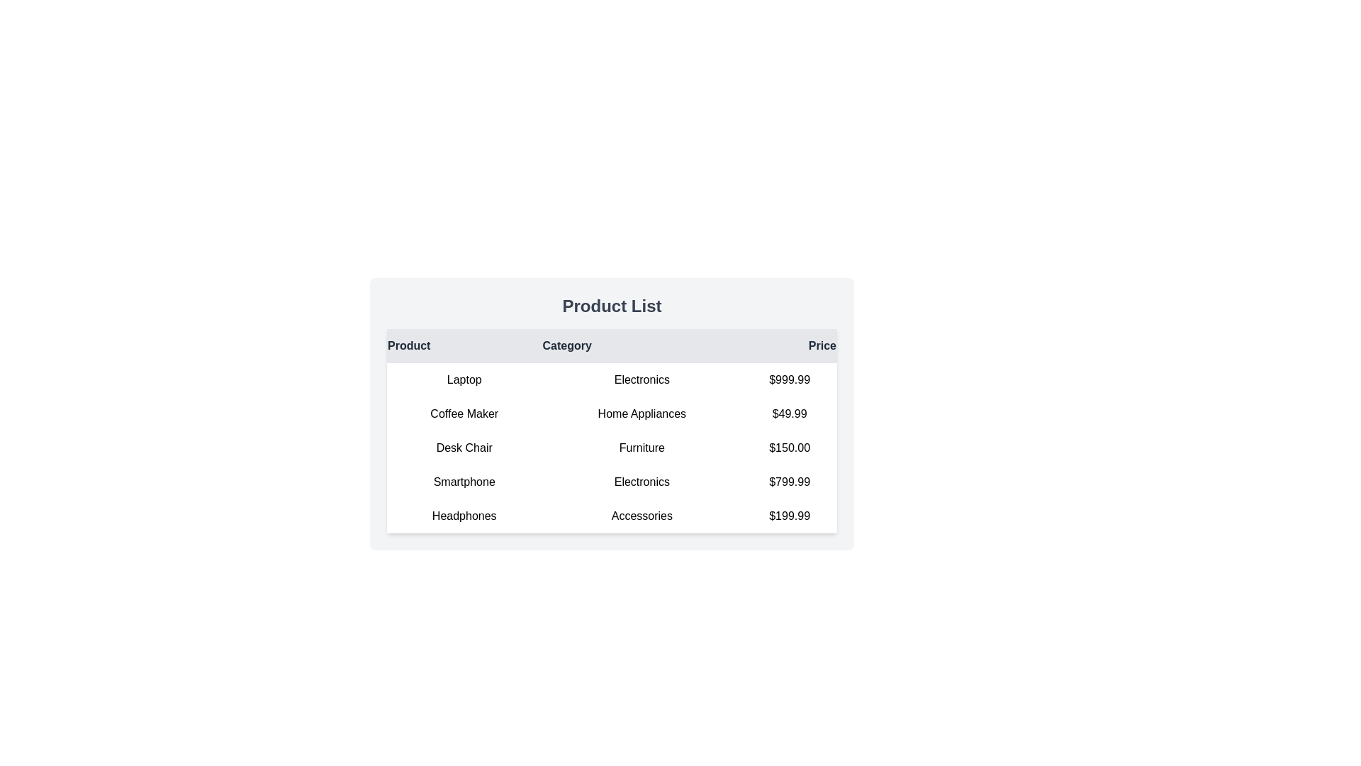 The height and width of the screenshot is (766, 1361). Describe the element at coordinates (789, 516) in the screenshot. I see `the static text element displaying the price of the 'Headphones' product in the last column of the 'Product List' table` at that location.